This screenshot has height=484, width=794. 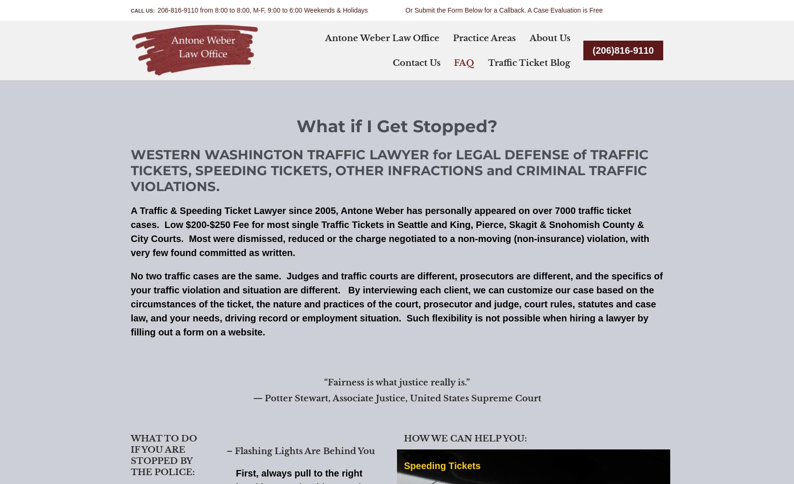 I want to click on 'Or Submit the Form Below for a Callback.  A Case Evaluation is Free', so click(x=503, y=10).